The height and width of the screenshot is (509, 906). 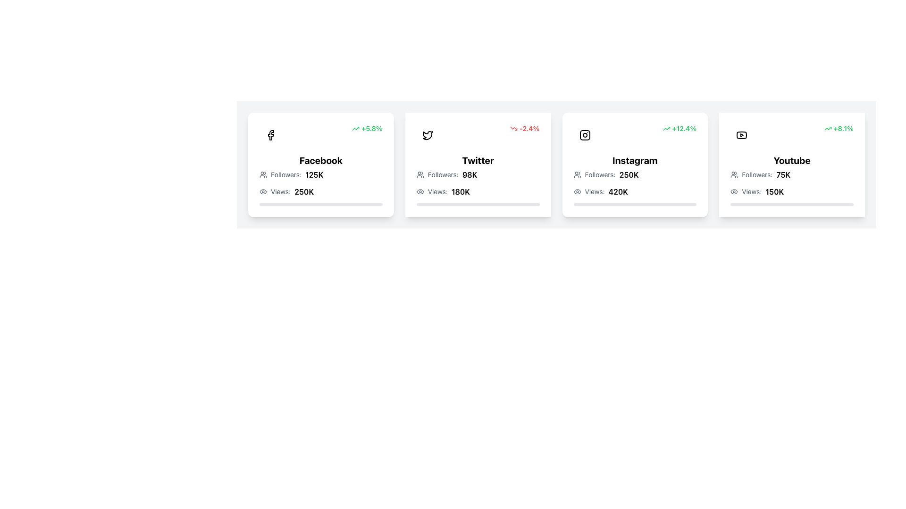 What do you see at coordinates (427, 135) in the screenshot?
I see `the Twitter Icon, which is a black outlined vector graphic of a bird in flight located at the top-left corner of its card` at bounding box center [427, 135].